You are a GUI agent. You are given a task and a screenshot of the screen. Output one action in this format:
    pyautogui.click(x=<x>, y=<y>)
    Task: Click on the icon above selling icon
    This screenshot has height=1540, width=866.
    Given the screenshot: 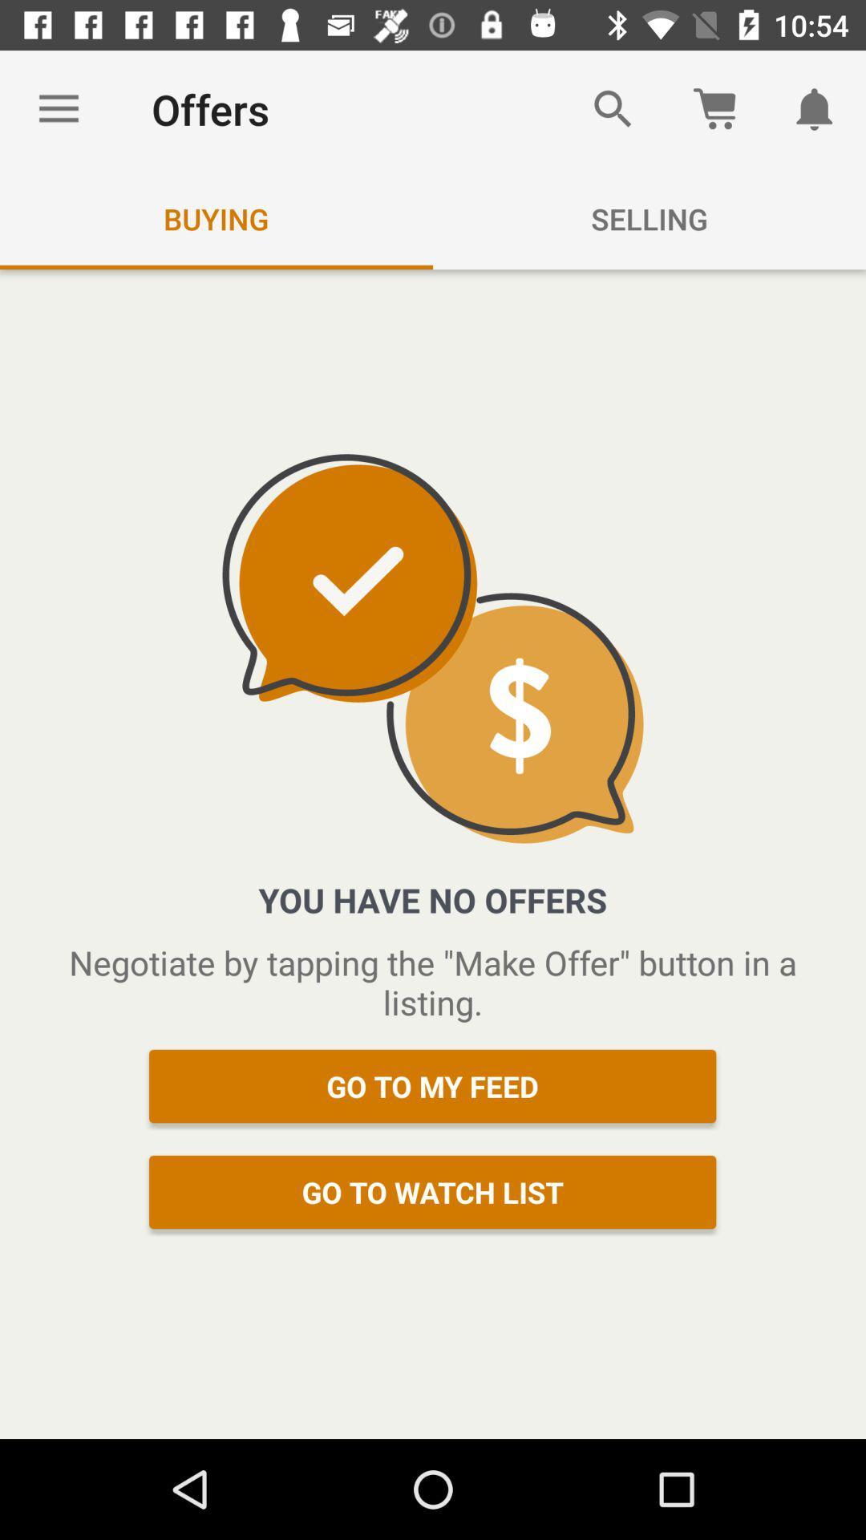 What is the action you would take?
    pyautogui.click(x=613, y=108)
    